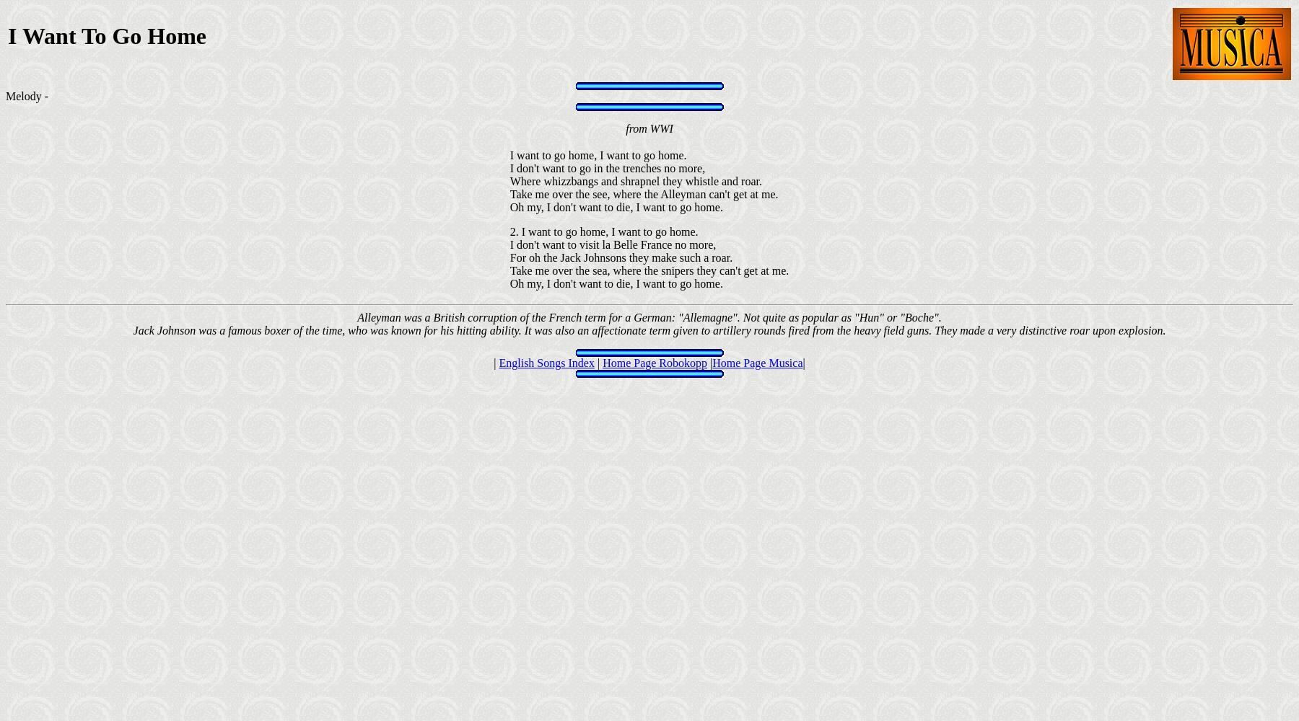 Image resolution: width=1299 pixels, height=721 pixels. I want to click on 'Take me over the sea, where the snipers they can't get at me.', so click(649, 270).